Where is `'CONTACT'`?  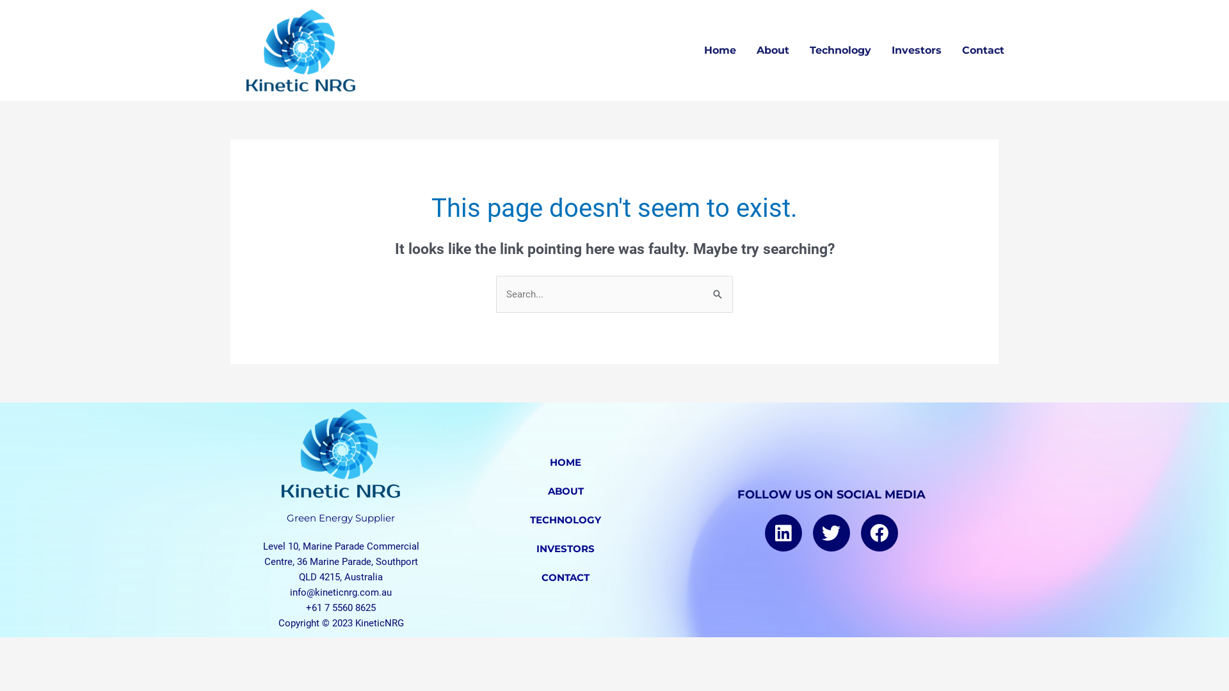 'CONTACT' is located at coordinates (565, 577).